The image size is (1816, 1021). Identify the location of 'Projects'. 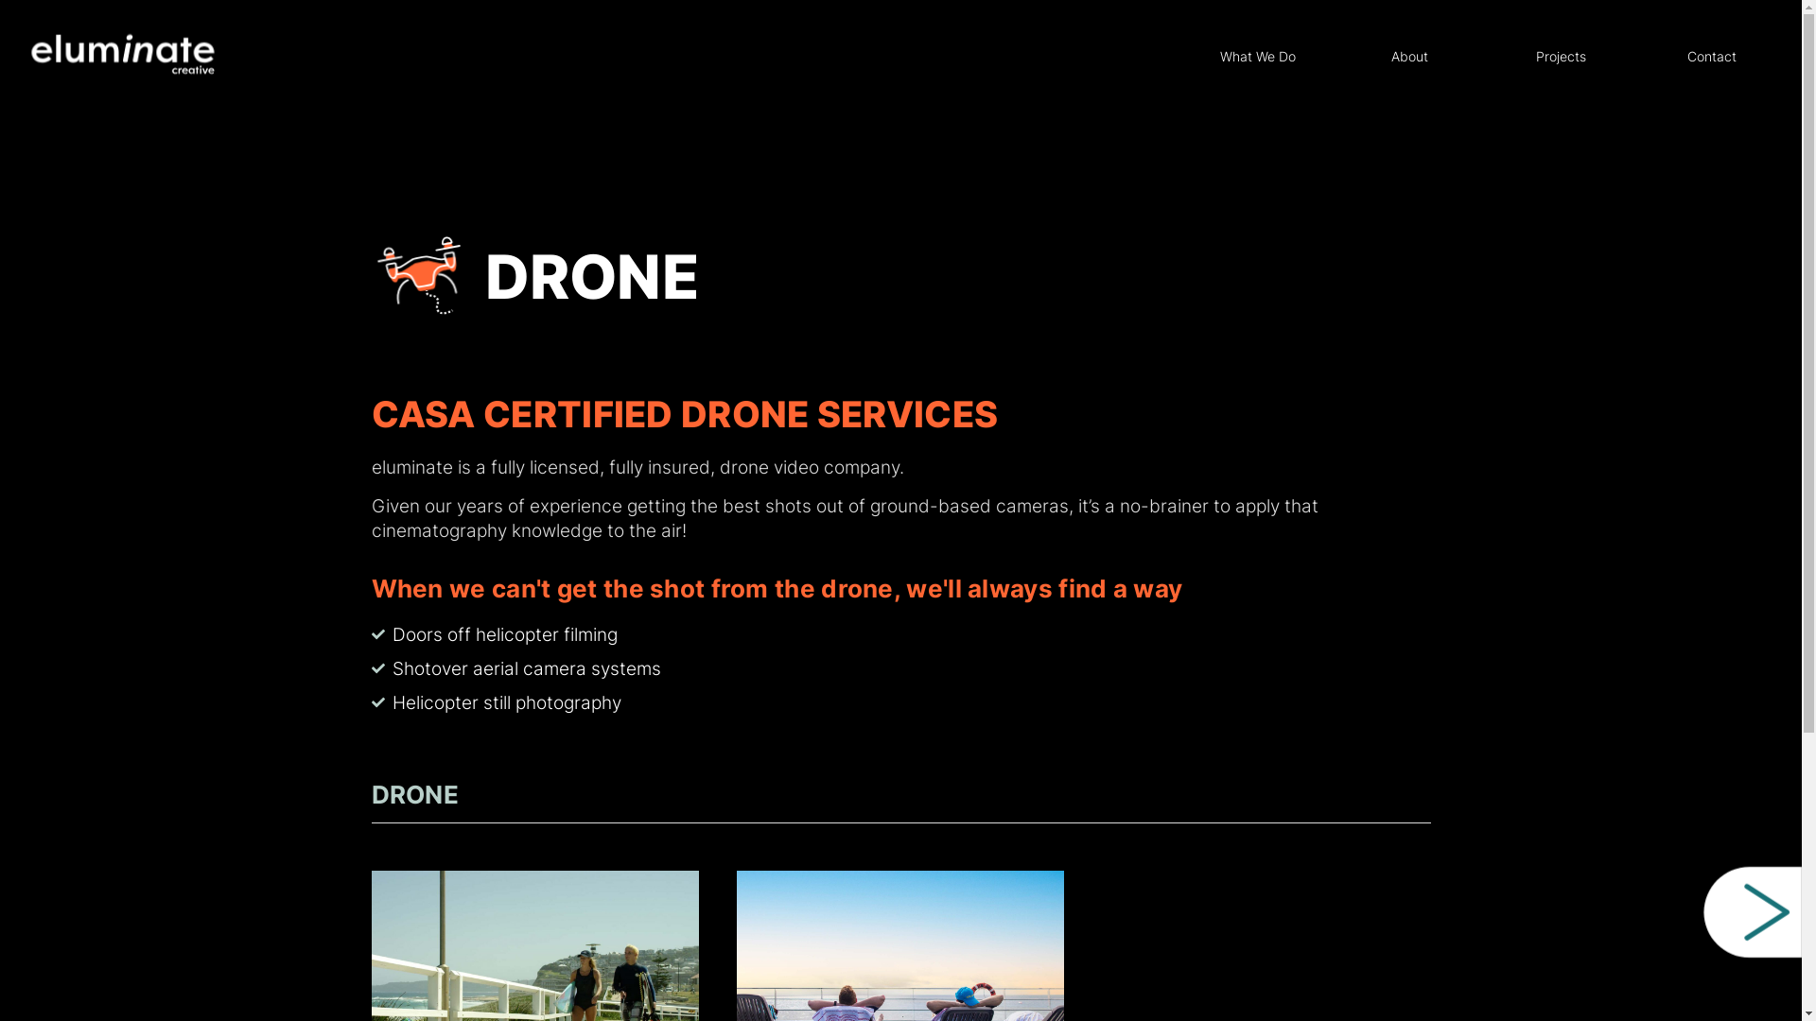
(1561, 56).